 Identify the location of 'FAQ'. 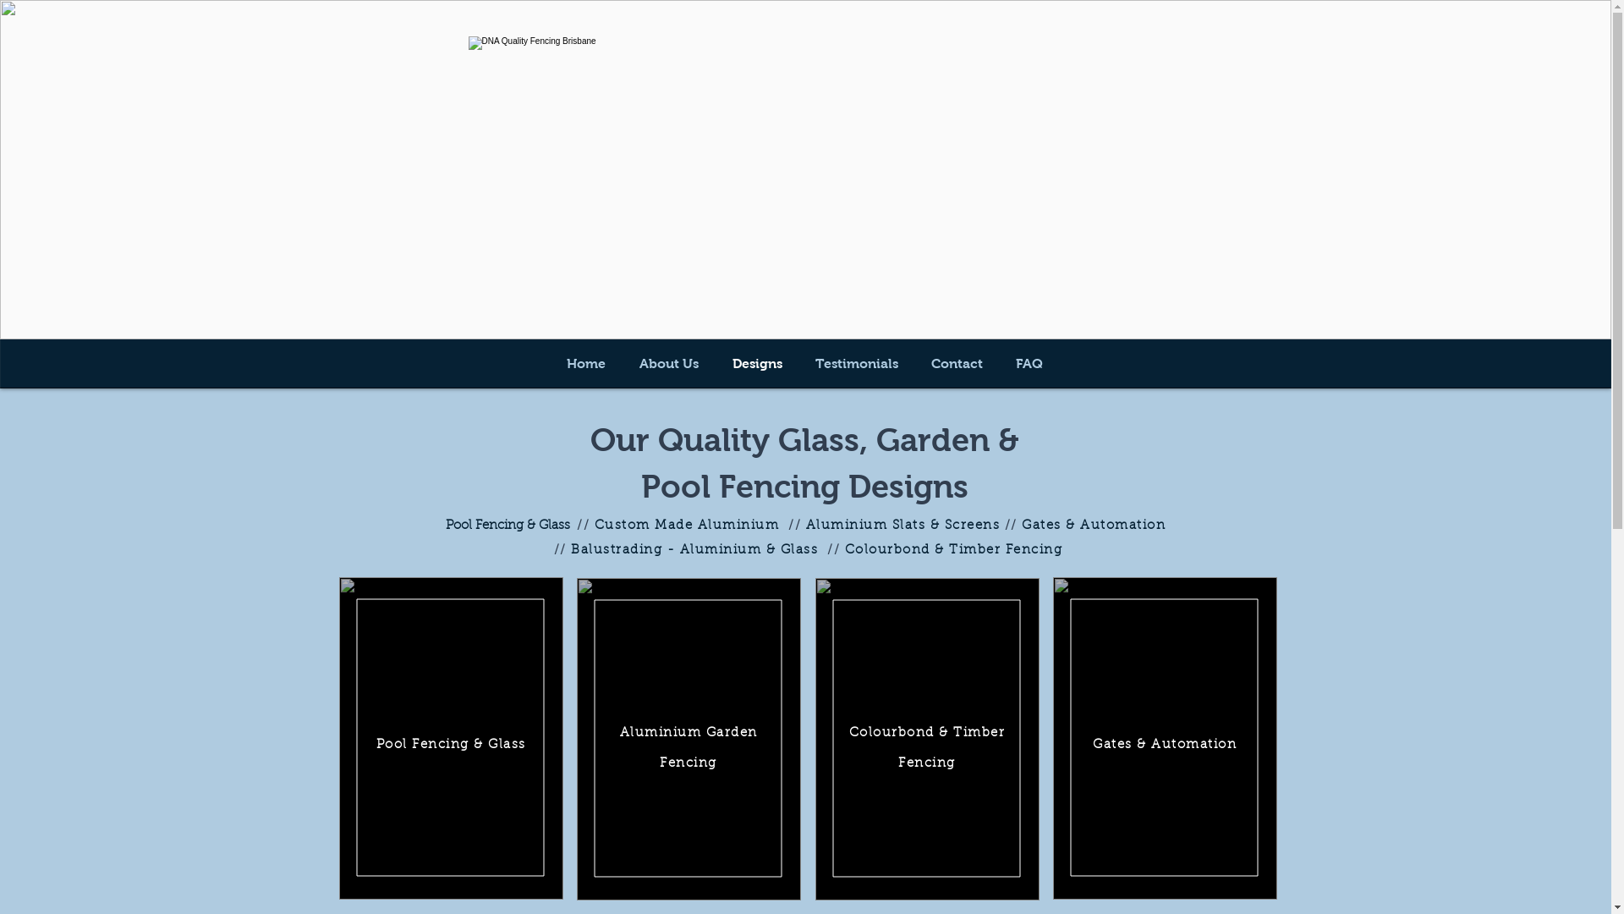
(1029, 362).